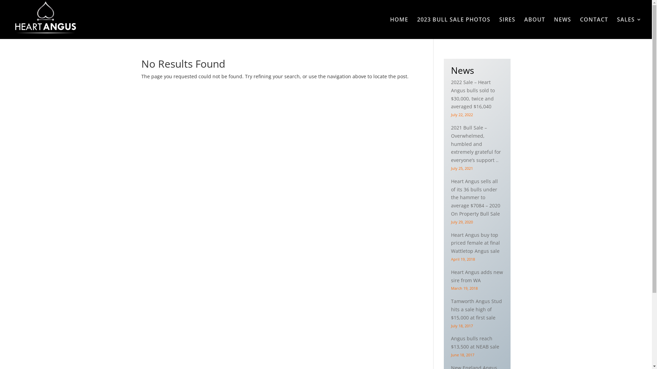 The height and width of the screenshot is (369, 657). Describe the element at coordinates (629, 27) in the screenshot. I see `'SALES'` at that location.